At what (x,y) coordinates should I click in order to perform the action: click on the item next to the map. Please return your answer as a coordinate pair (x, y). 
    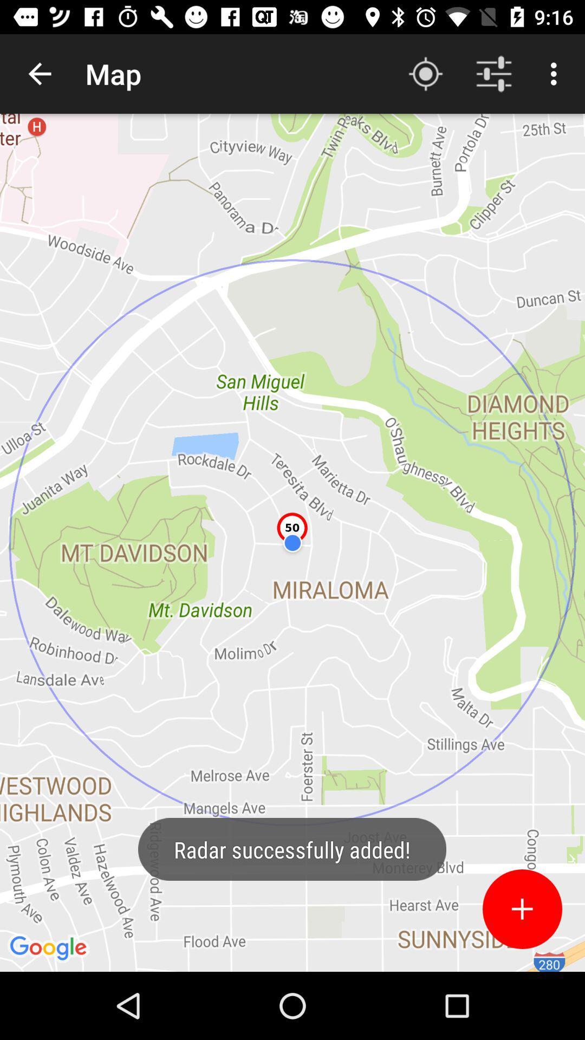
    Looking at the image, I should click on (39, 73).